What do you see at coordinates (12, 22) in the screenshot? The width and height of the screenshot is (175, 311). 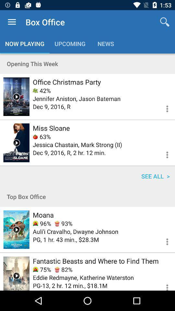 I see `the item above the now playing icon` at bounding box center [12, 22].